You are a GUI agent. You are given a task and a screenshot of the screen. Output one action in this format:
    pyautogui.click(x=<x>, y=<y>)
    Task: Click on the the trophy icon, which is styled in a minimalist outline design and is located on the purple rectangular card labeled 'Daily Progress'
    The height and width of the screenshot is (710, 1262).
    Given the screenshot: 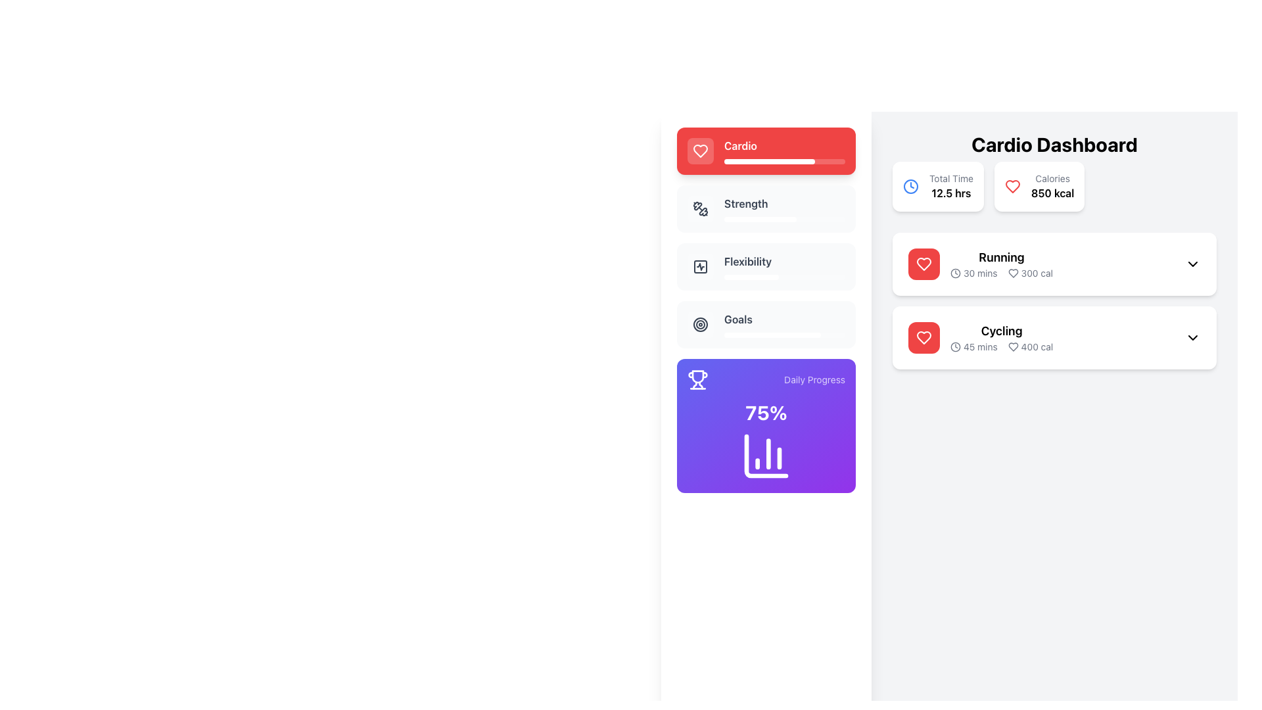 What is the action you would take?
    pyautogui.click(x=697, y=380)
    